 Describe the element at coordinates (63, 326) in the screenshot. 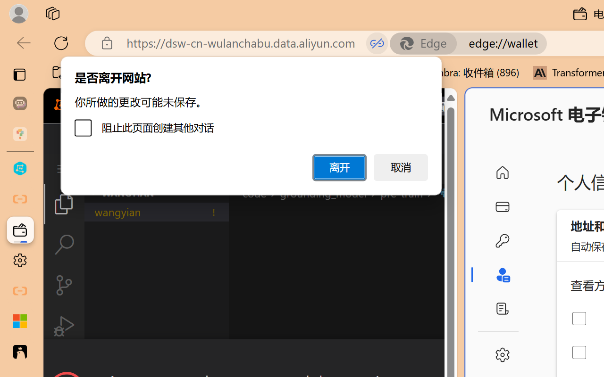

I see `'Run and Debug (Ctrl+Shift+D)'` at that location.